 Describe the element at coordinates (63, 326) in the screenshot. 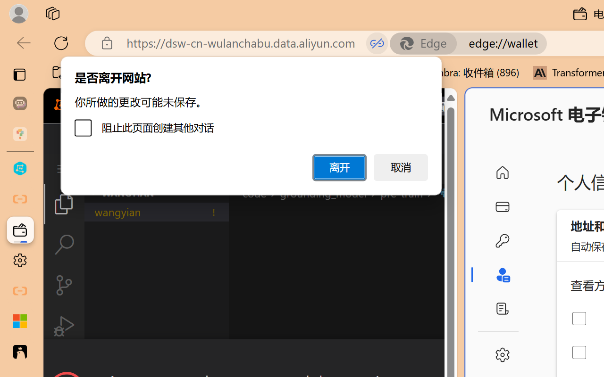

I see `'Run and Debug (Ctrl+Shift+D)'` at that location.